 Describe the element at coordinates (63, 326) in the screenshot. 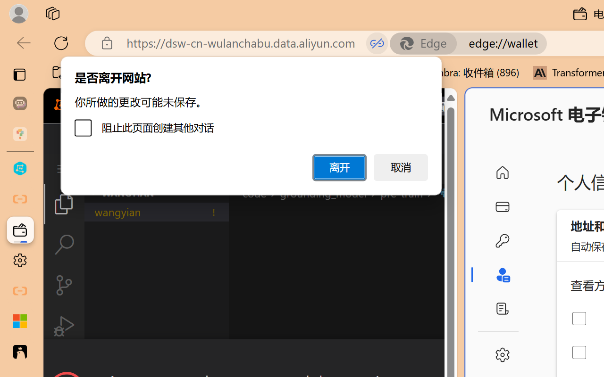

I see `'Run and Debug (Ctrl+Shift+D)'` at that location.